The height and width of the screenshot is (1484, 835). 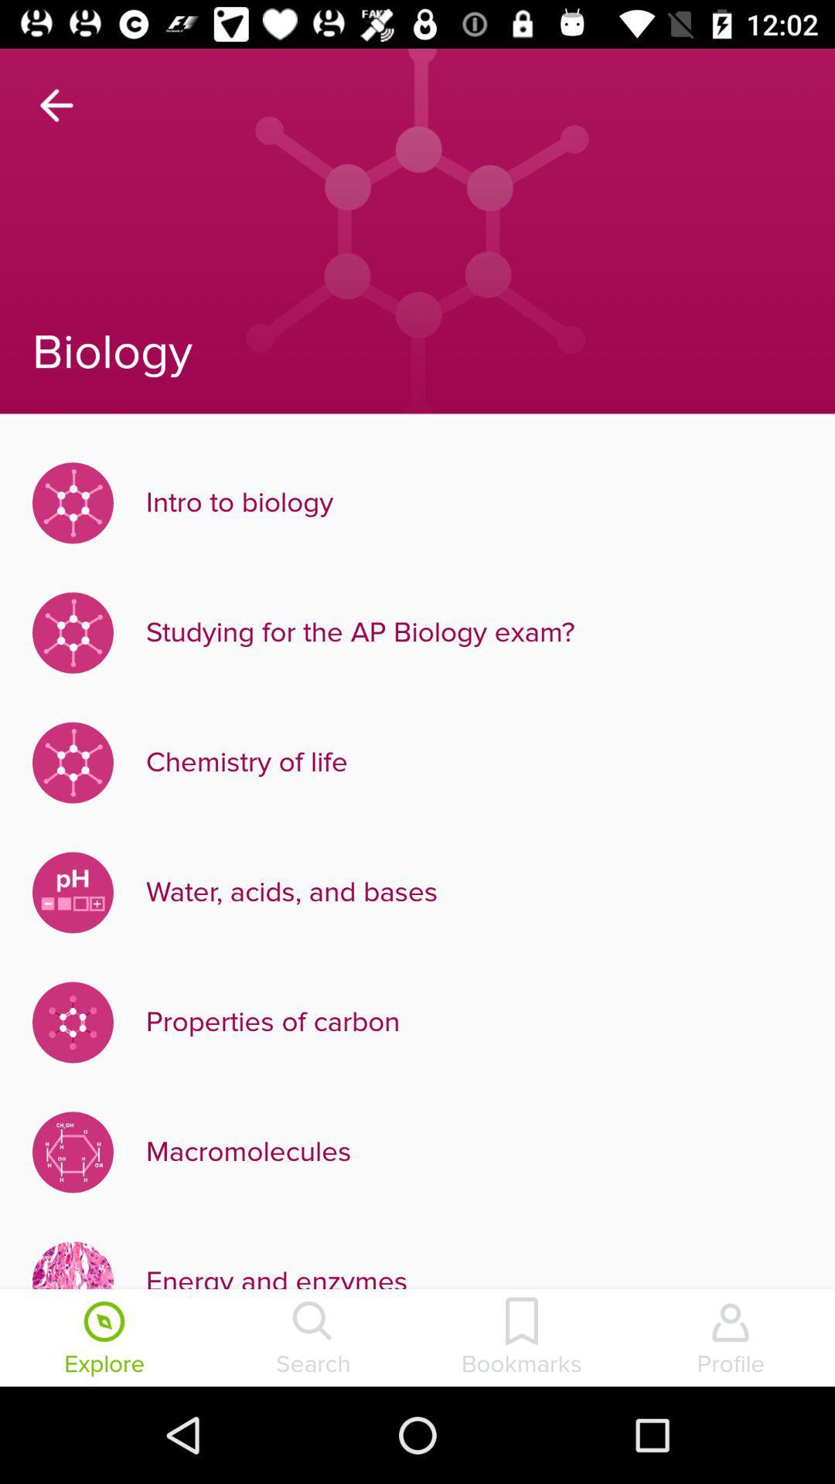 I want to click on the icon at the top left corner, so click(x=56, y=104).